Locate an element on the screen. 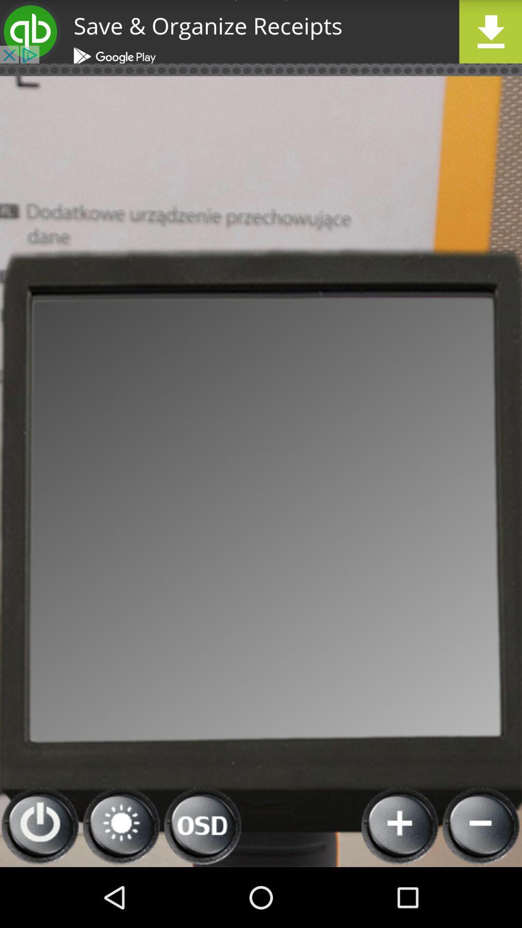  the add icon is located at coordinates (400, 884).